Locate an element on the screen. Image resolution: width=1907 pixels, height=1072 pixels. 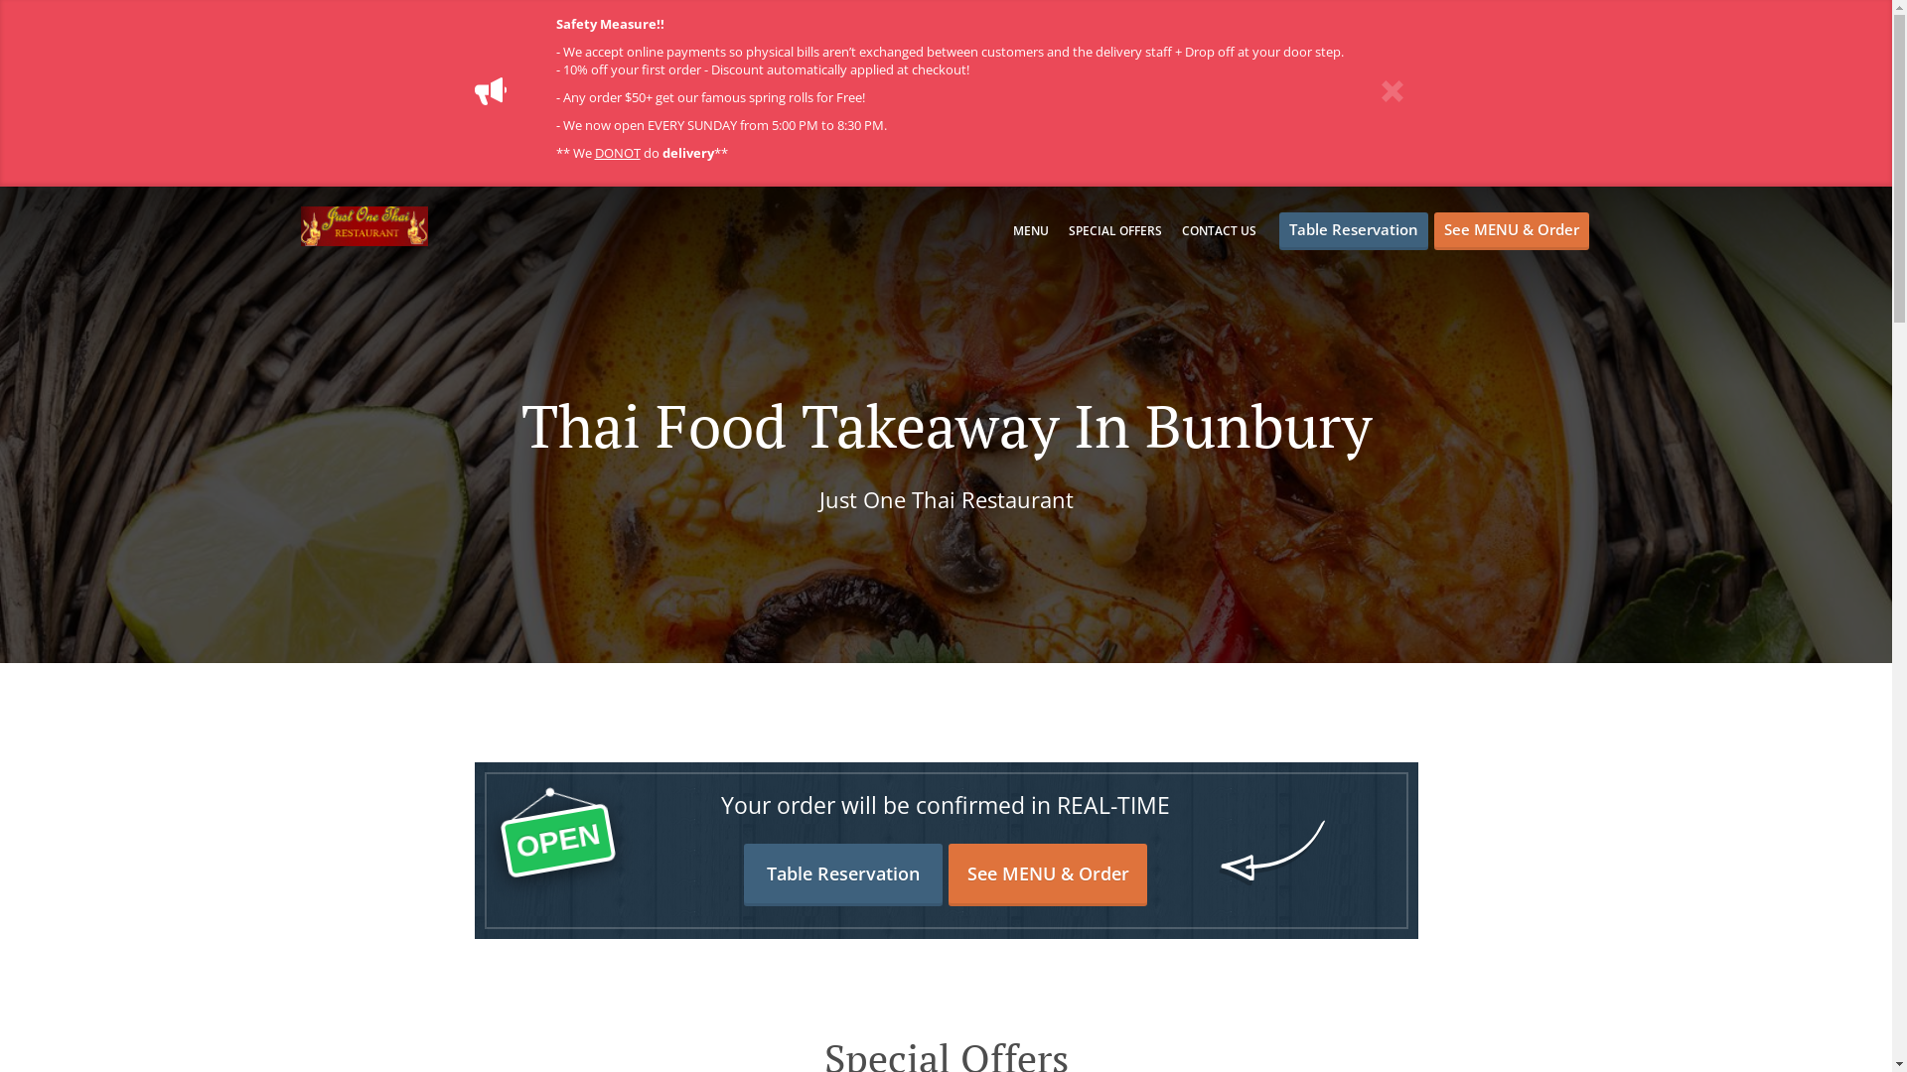
'CONTACT US' is located at coordinates (1182, 229).